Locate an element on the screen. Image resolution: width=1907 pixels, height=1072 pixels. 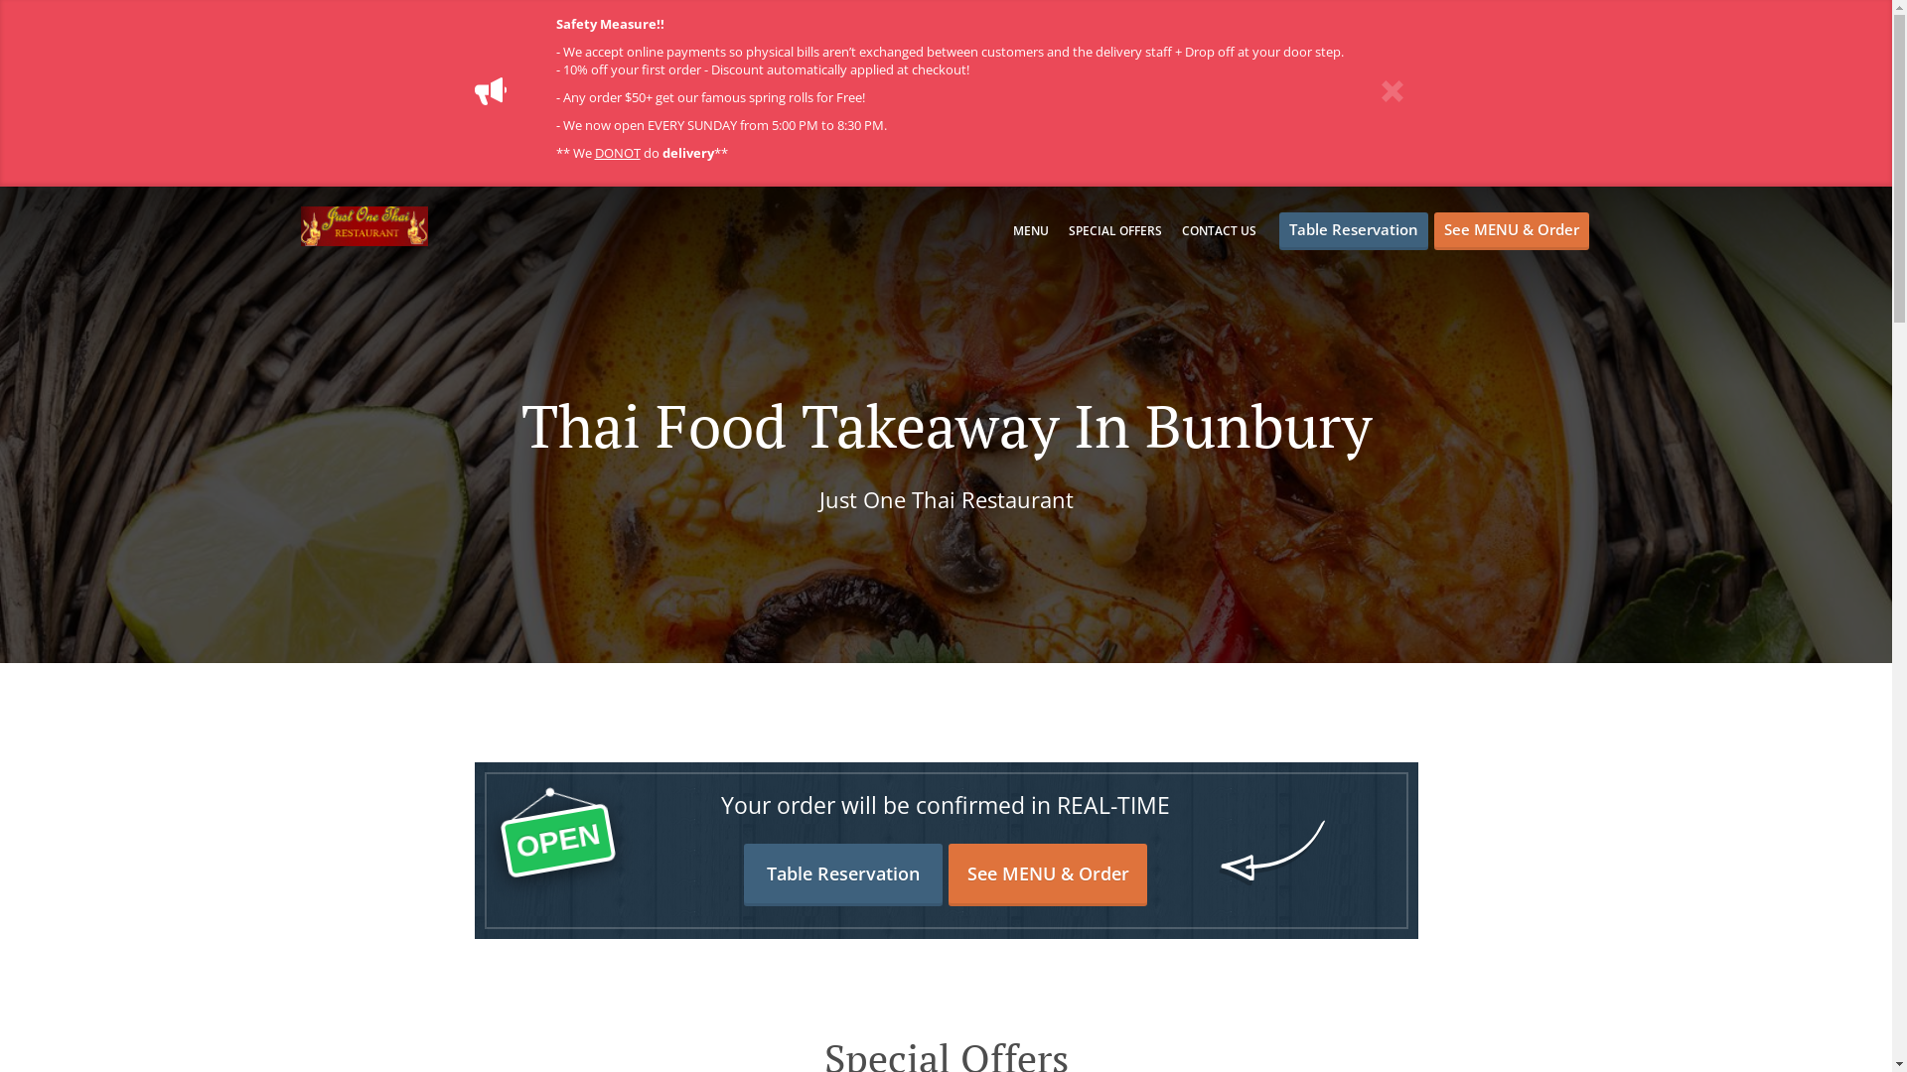
'CONTACT US' is located at coordinates (1182, 229).